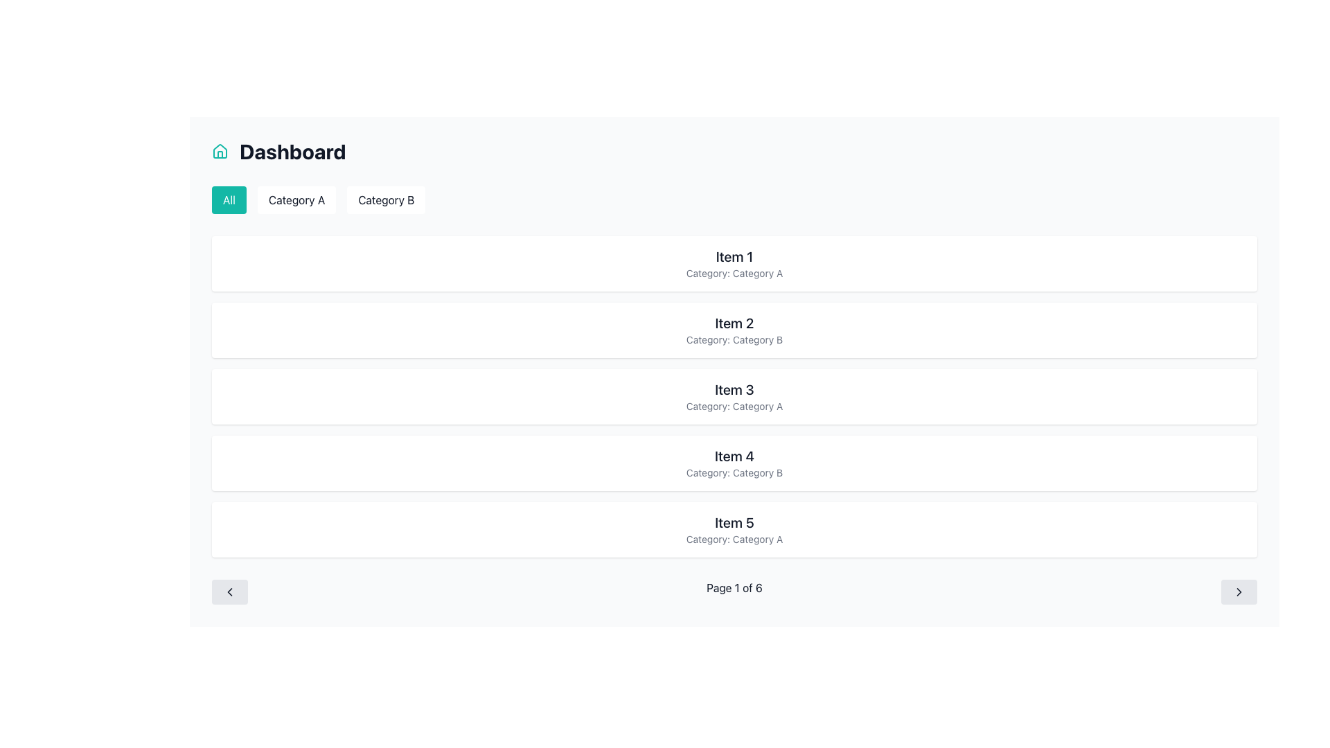 The width and height of the screenshot is (1330, 748). Describe the element at coordinates (296, 200) in the screenshot. I see `the 'Category A' button, which has a white background, rounded corners, and is positioned between the 'All' and 'Category B' buttons, to apply the 'Category A' filter` at that location.